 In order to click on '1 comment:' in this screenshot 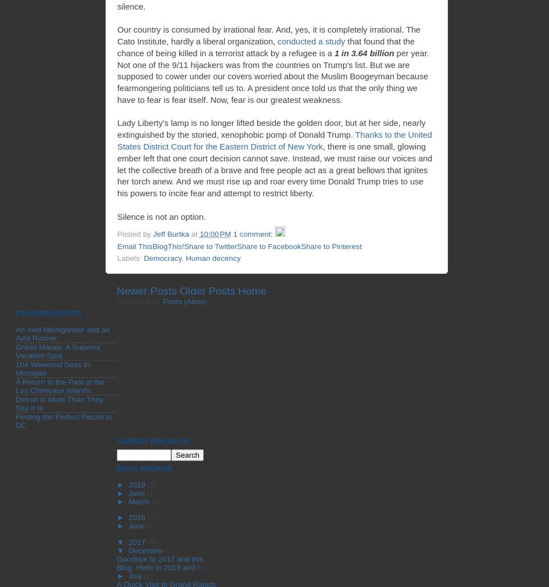, I will do `click(253, 233)`.